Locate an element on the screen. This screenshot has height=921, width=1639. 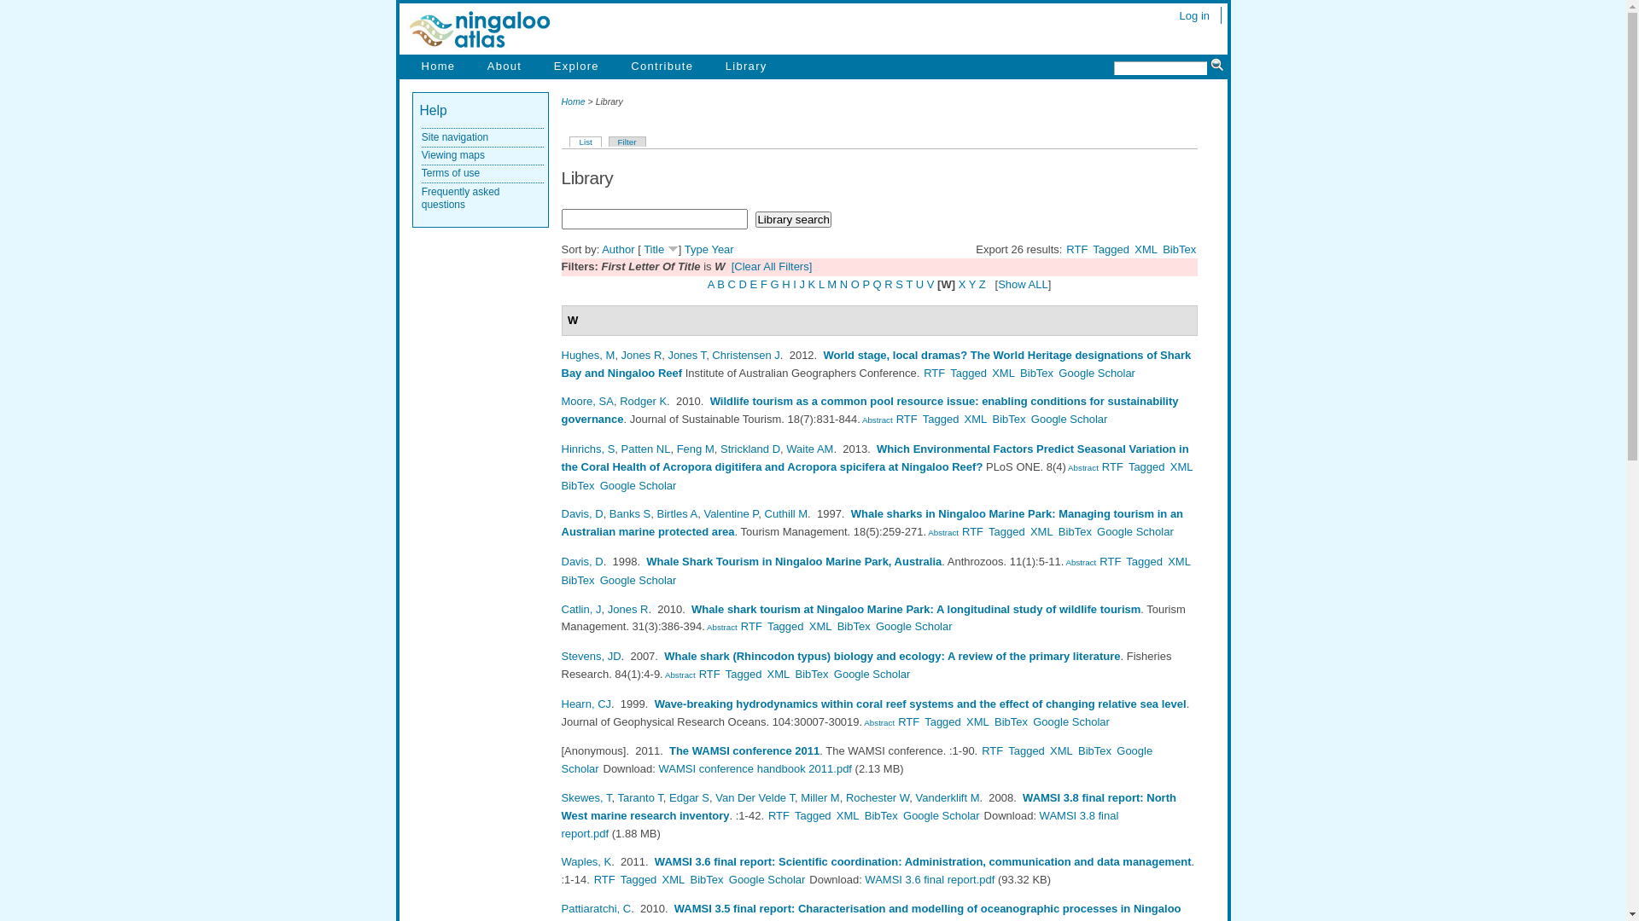
'Author' is located at coordinates (602, 249).